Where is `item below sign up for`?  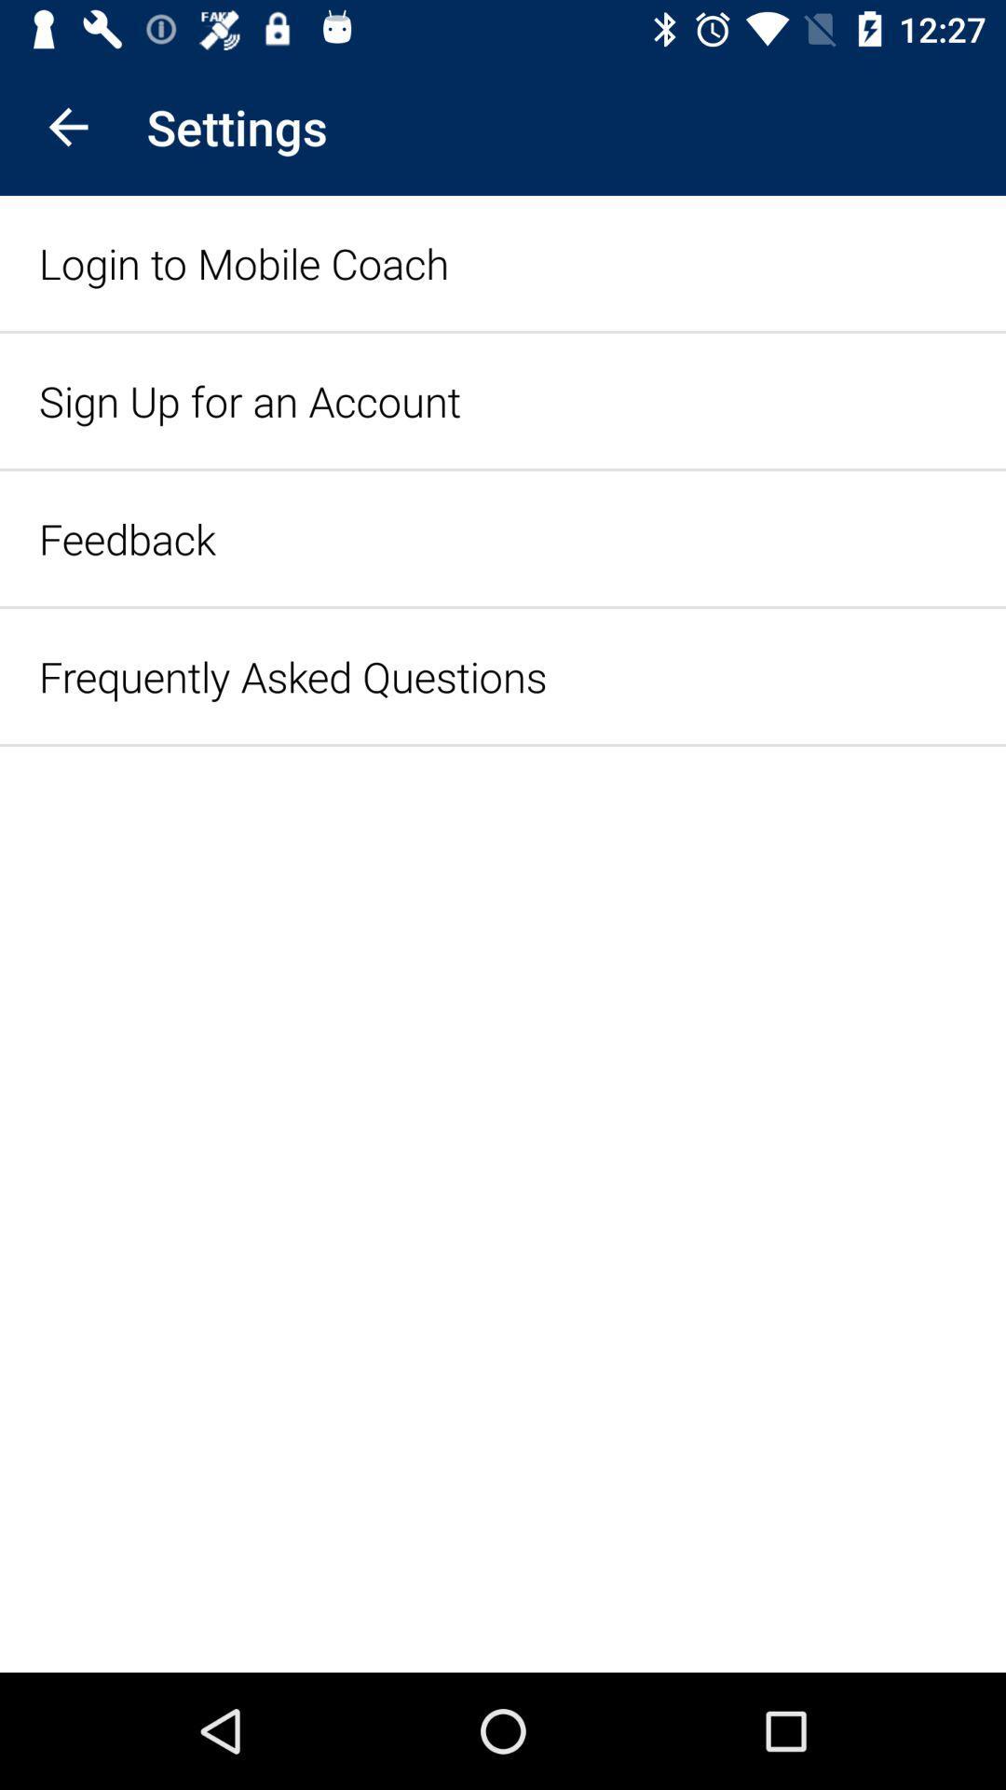
item below sign up for is located at coordinates (126, 537).